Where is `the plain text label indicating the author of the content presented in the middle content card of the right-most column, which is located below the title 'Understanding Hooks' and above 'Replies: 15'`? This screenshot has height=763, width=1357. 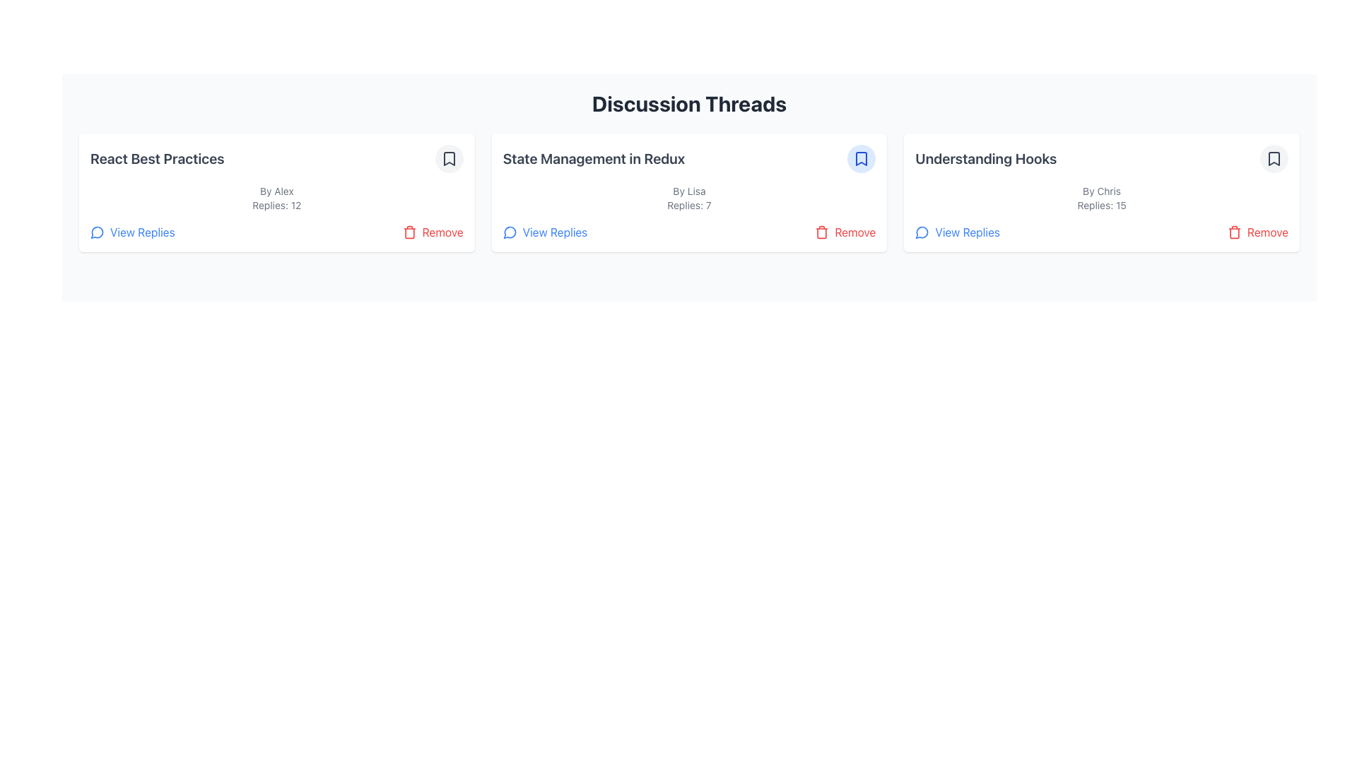 the plain text label indicating the author of the content presented in the middle content card of the right-most column, which is located below the title 'Understanding Hooks' and above 'Replies: 15' is located at coordinates (1101, 191).